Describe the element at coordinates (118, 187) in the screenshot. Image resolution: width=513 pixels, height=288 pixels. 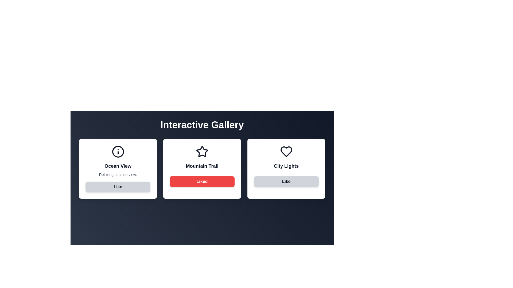
I see `the 'Like' button, which is a horizontally elongated rectangular button with rounded corners, gray background, and black bold text, located at the bottom of the 'Ocean View' card` at that location.